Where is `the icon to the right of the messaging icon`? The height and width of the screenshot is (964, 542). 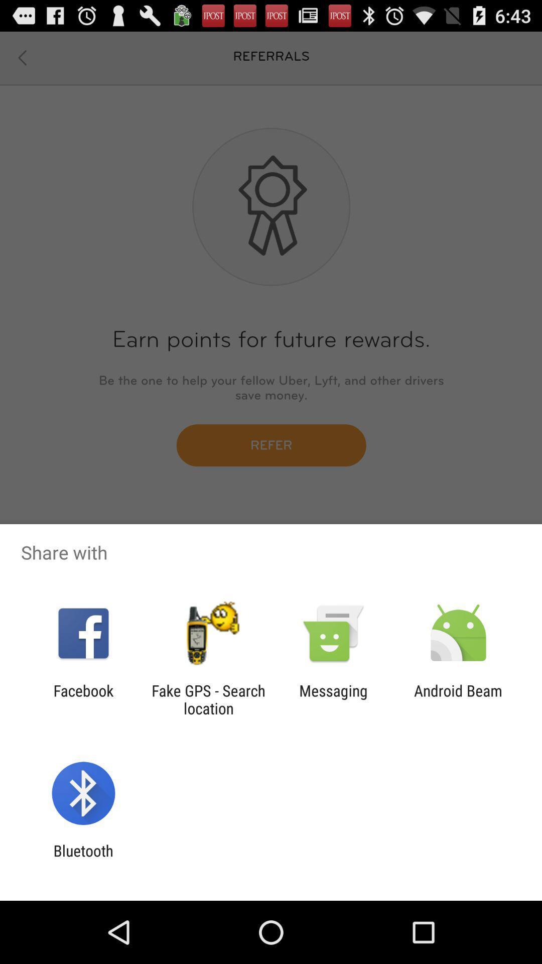
the icon to the right of the messaging icon is located at coordinates (458, 699).